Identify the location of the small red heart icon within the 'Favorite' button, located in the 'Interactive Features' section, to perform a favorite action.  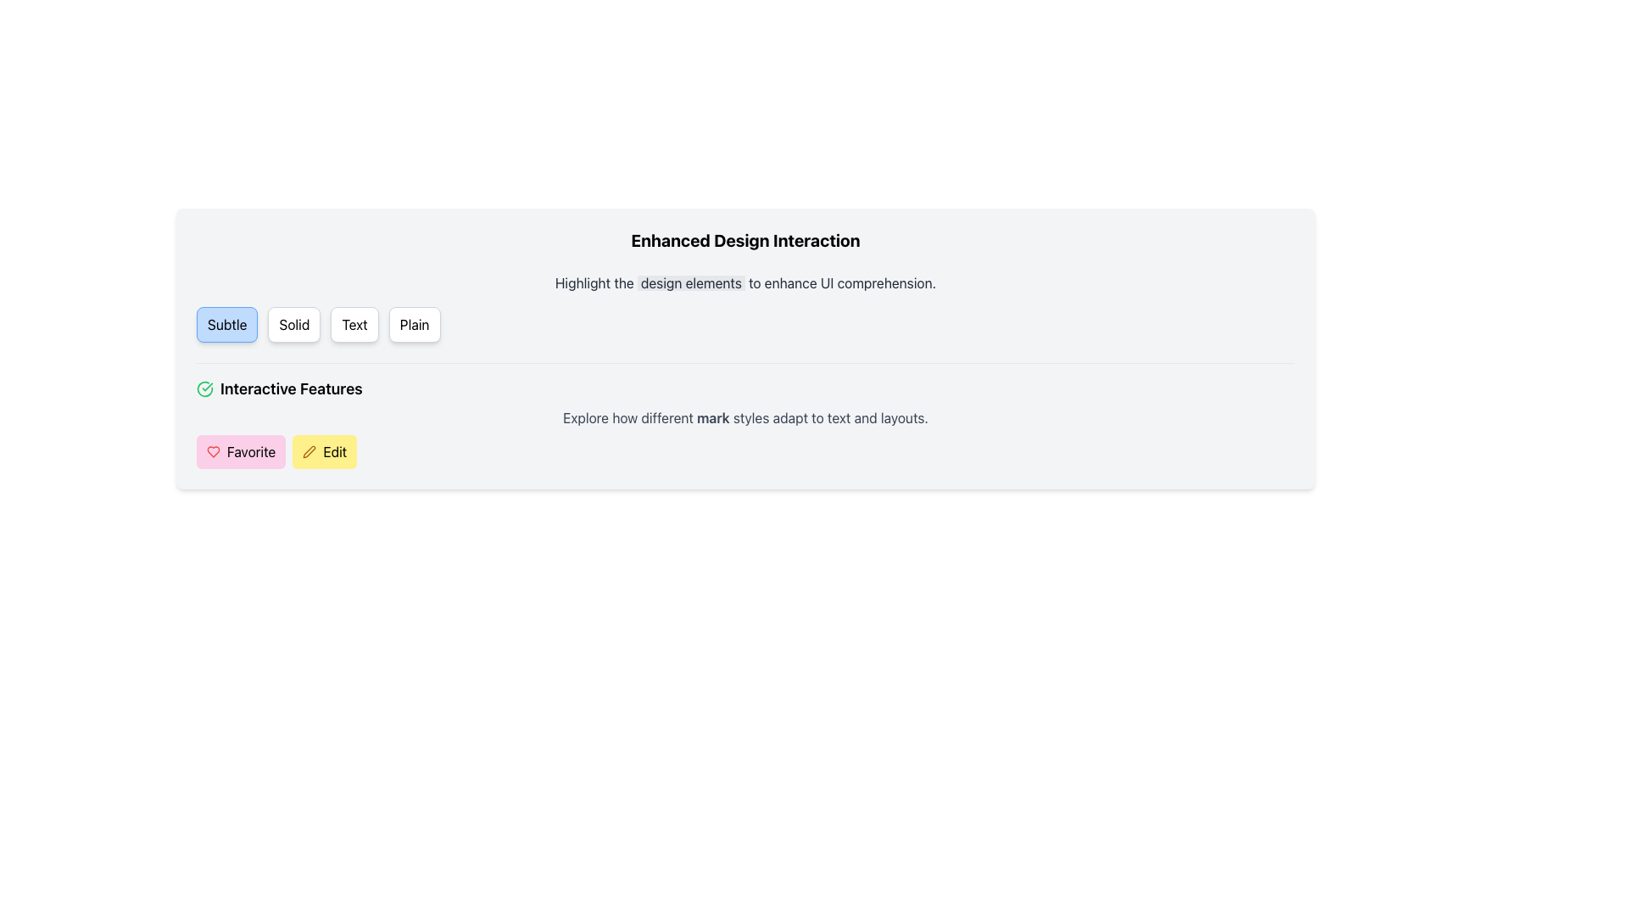
(213, 450).